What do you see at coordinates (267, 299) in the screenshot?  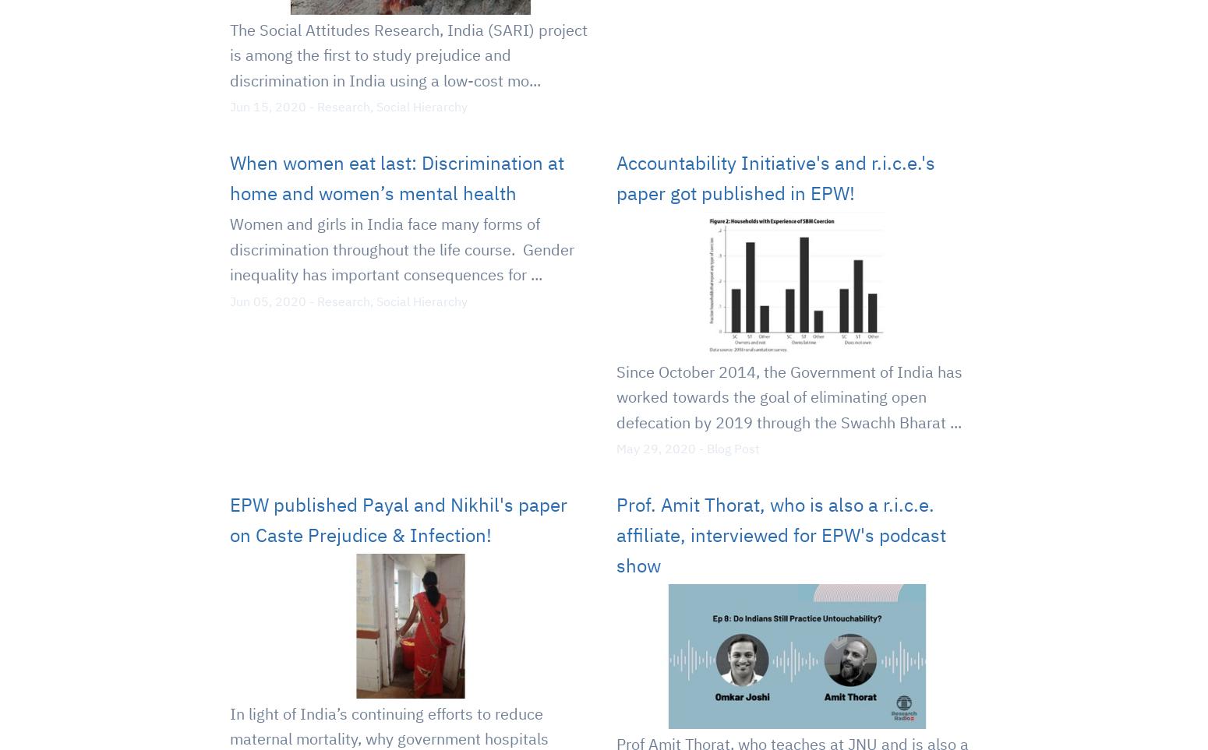 I see `'Jun 05, 2020'` at bounding box center [267, 299].